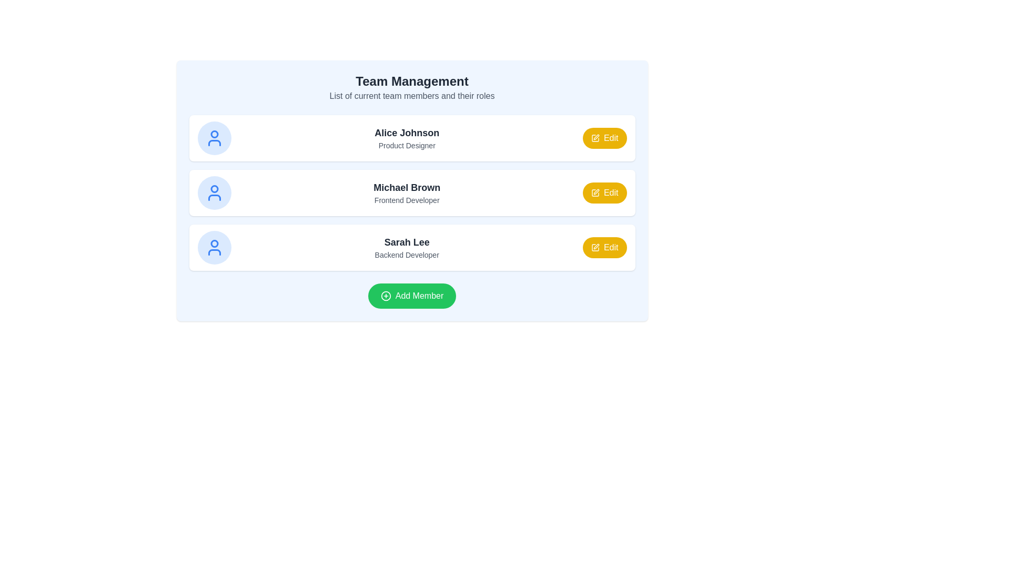 Image resolution: width=1010 pixels, height=568 pixels. I want to click on the small gray text label that reads 'Frontend Developer', located directly below 'Michael Brown' in the center card of the team members' list, so click(406, 200).